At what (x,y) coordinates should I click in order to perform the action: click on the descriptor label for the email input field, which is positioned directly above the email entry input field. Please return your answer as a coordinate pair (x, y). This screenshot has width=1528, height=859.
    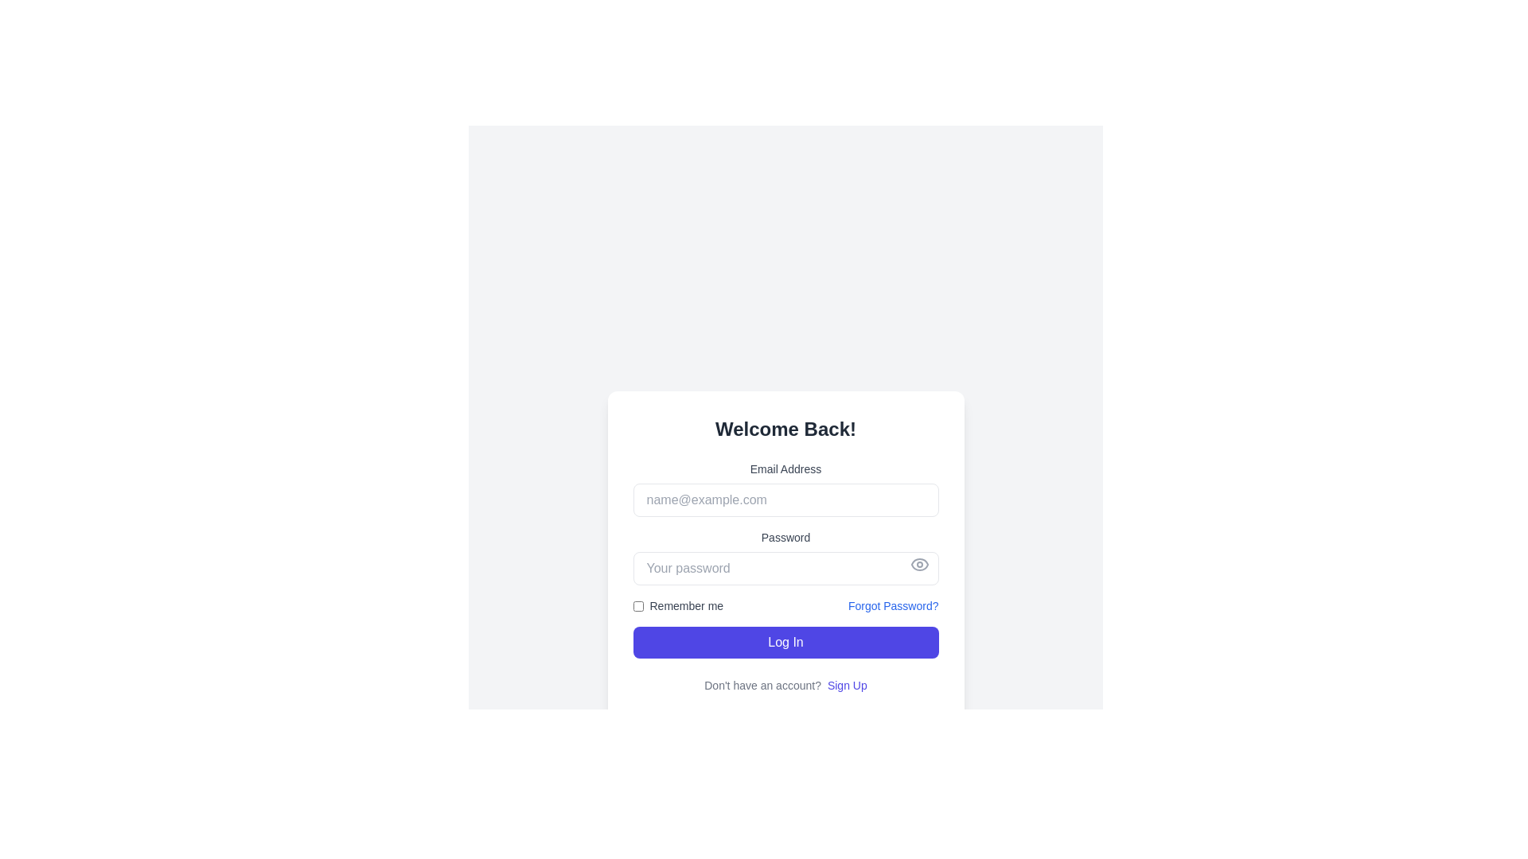
    Looking at the image, I should click on (785, 468).